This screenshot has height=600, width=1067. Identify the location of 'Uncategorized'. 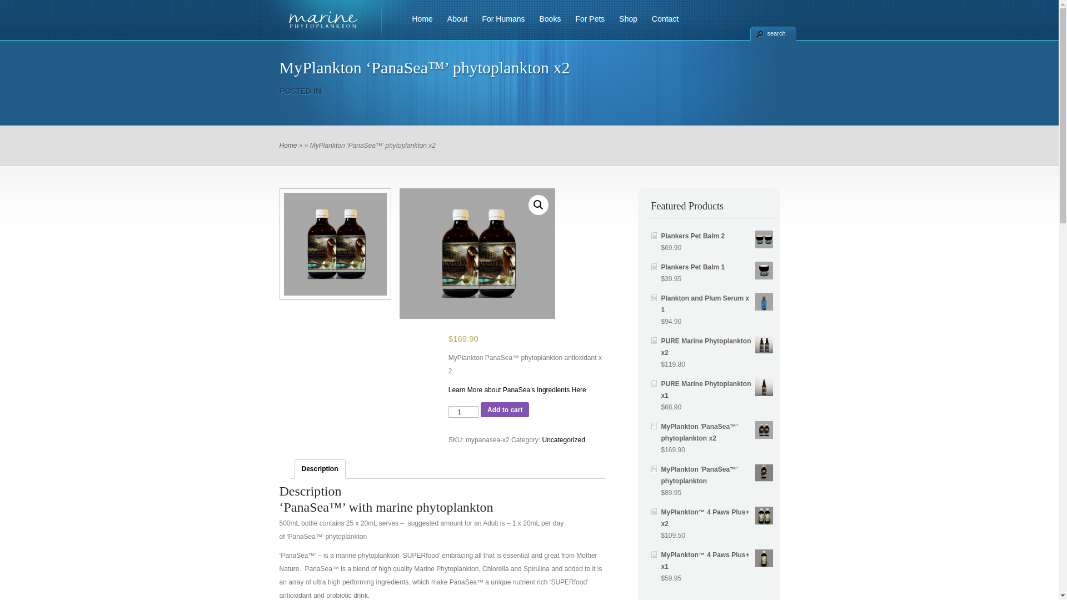
(563, 439).